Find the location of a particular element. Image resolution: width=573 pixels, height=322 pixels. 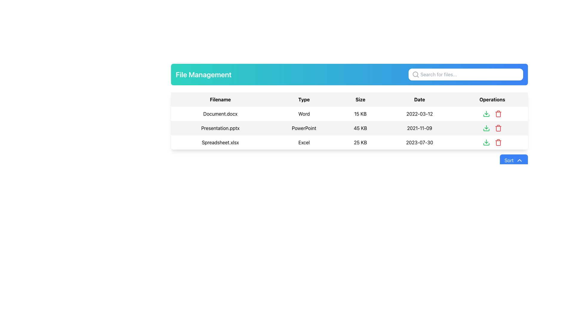

the Text element displaying the date of 'Spreadsheet.xlsx' in the 'File Management' interface, located in the fourth position of the 'Date' column is located at coordinates (419, 143).